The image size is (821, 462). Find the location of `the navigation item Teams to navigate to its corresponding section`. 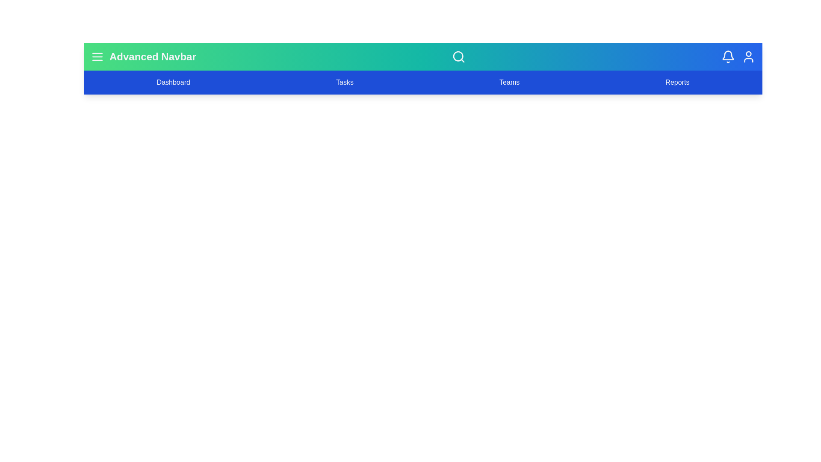

the navigation item Teams to navigate to its corresponding section is located at coordinates (509, 82).